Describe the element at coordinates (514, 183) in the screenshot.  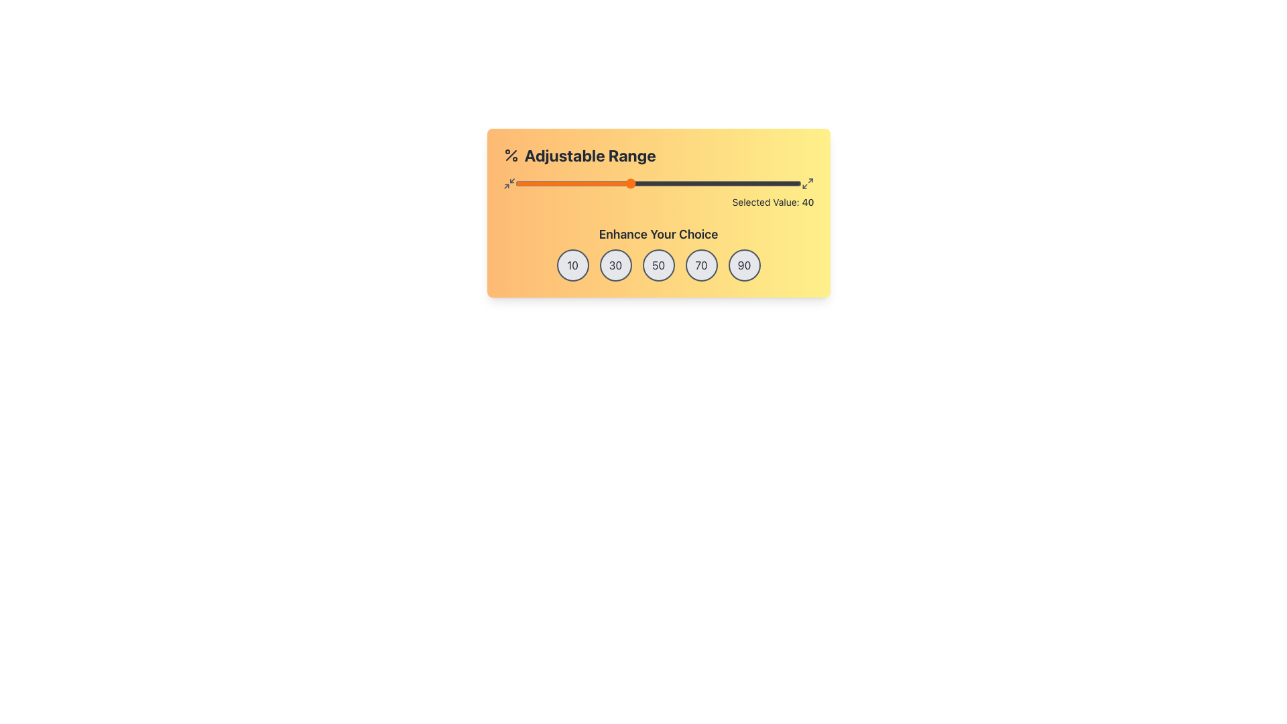
I see `the slider value` at that location.